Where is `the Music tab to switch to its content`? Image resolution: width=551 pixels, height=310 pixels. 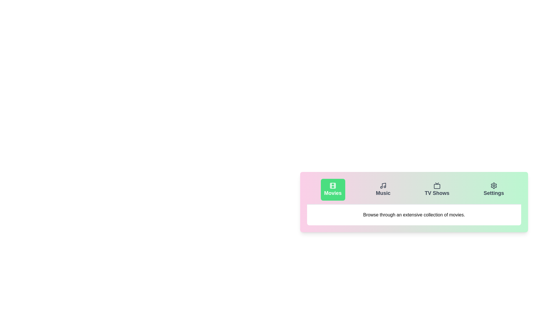 the Music tab to switch to its content is located at coordinates (383, 189).